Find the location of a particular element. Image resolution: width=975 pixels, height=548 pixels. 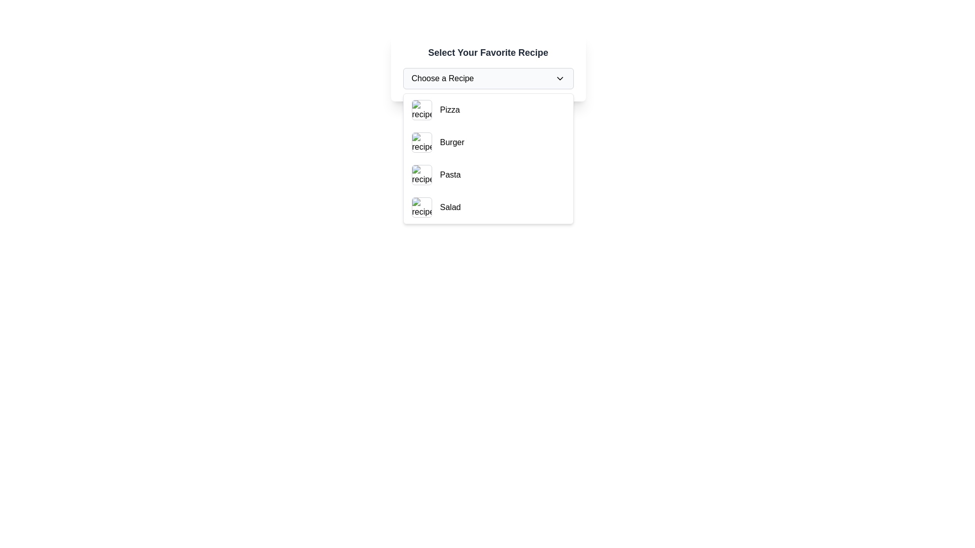

the 'Pizza' option label in the dropdown menu is located at coordinates (449, 110).